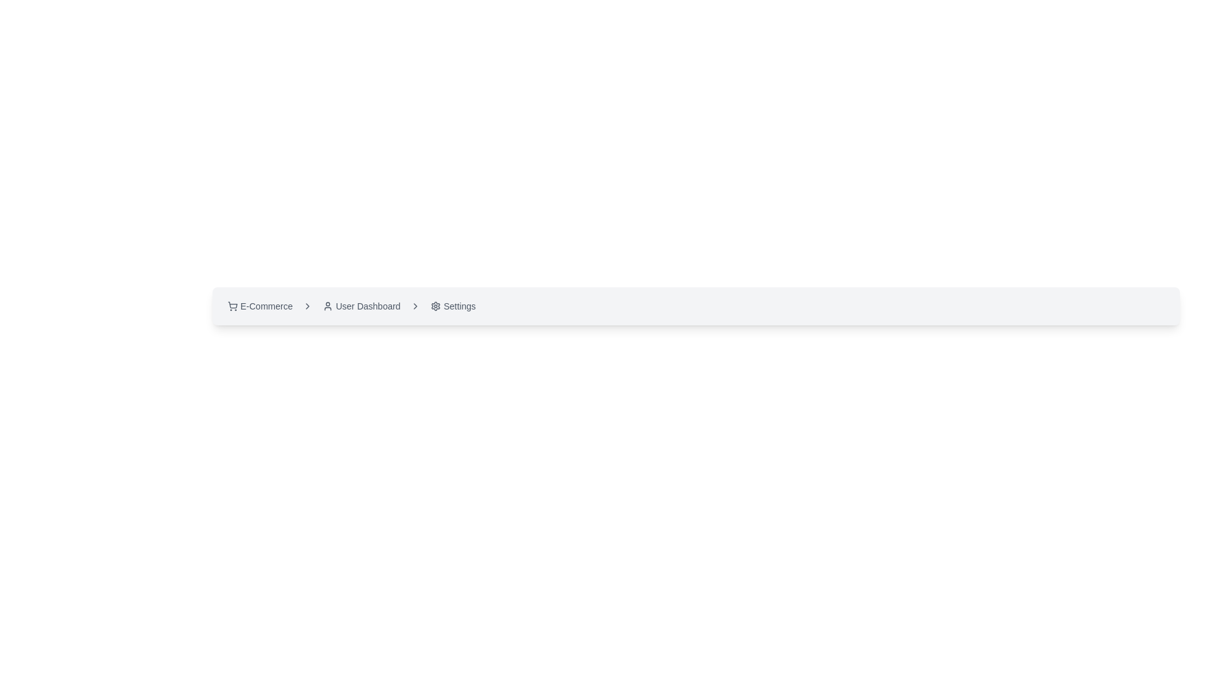 This screenshot has width=1218, height=685. What do you see at coordinates (695, 306) in the screenshot?
I see `the Breadcrumb navigation bar segment located at the top-center of the application` at bounding box center [695, 306].